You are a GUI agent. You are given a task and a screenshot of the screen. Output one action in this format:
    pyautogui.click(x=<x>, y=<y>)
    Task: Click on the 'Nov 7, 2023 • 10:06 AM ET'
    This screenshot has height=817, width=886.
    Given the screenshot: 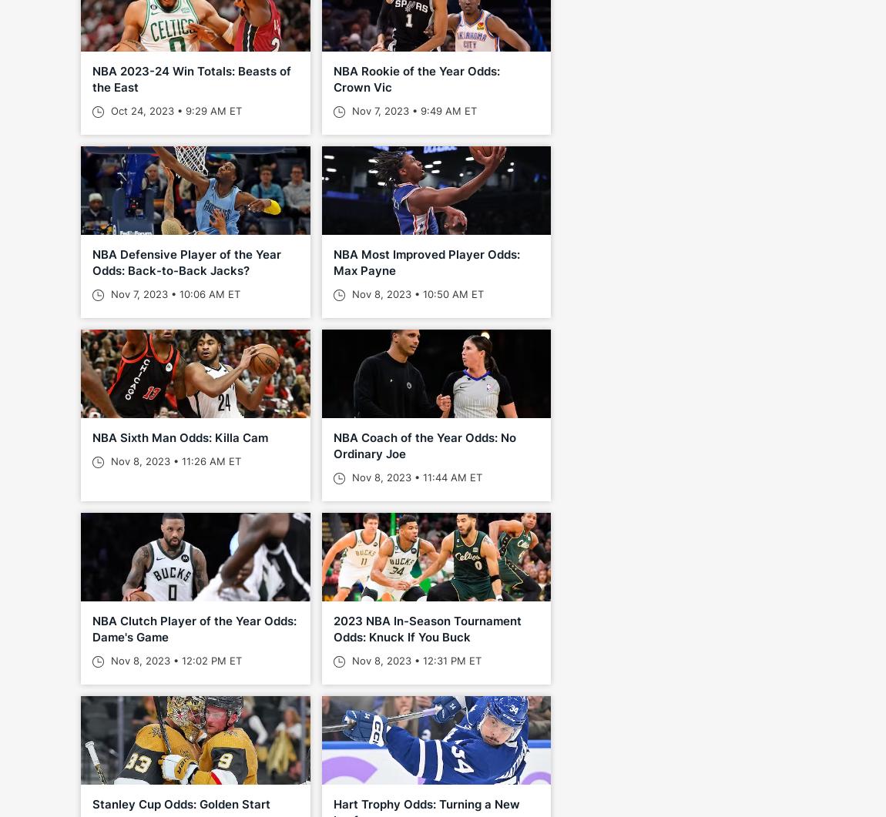 What is the action you would take?
    pyautogui.click(x=106, y=293)
    